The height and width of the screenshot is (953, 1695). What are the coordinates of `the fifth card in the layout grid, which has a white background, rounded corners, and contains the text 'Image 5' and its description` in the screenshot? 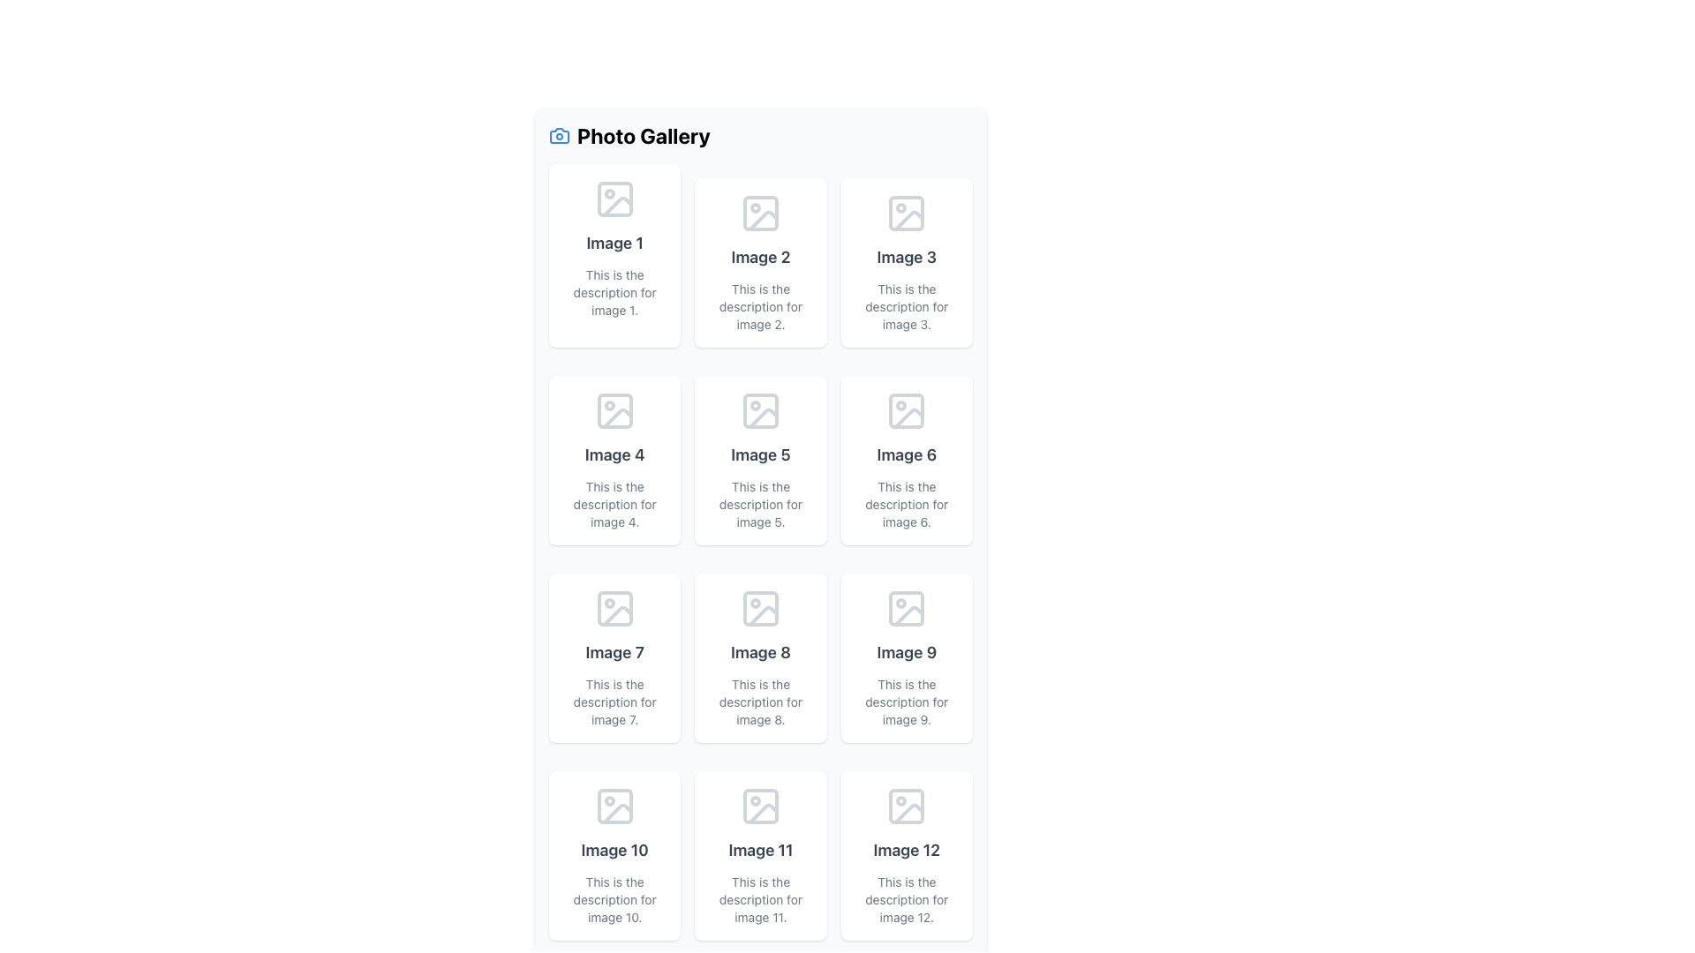 It's located at (761, 459).